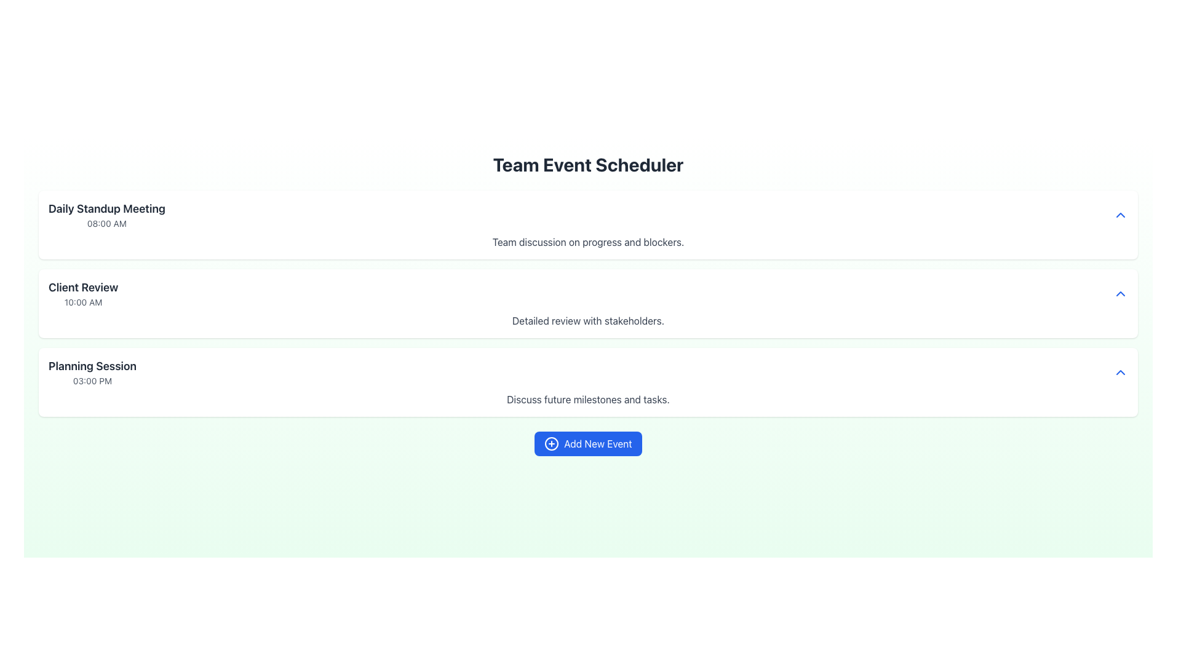 This screenshot has width=1181, height=664. I want to click on the Dropdown toggle button icon, which is a compact upward-pointing blue arrow located on the far right of the 'Daily Standup Meeting' row in the 'Team Event Scheduler' interface, so click(1121, 215).